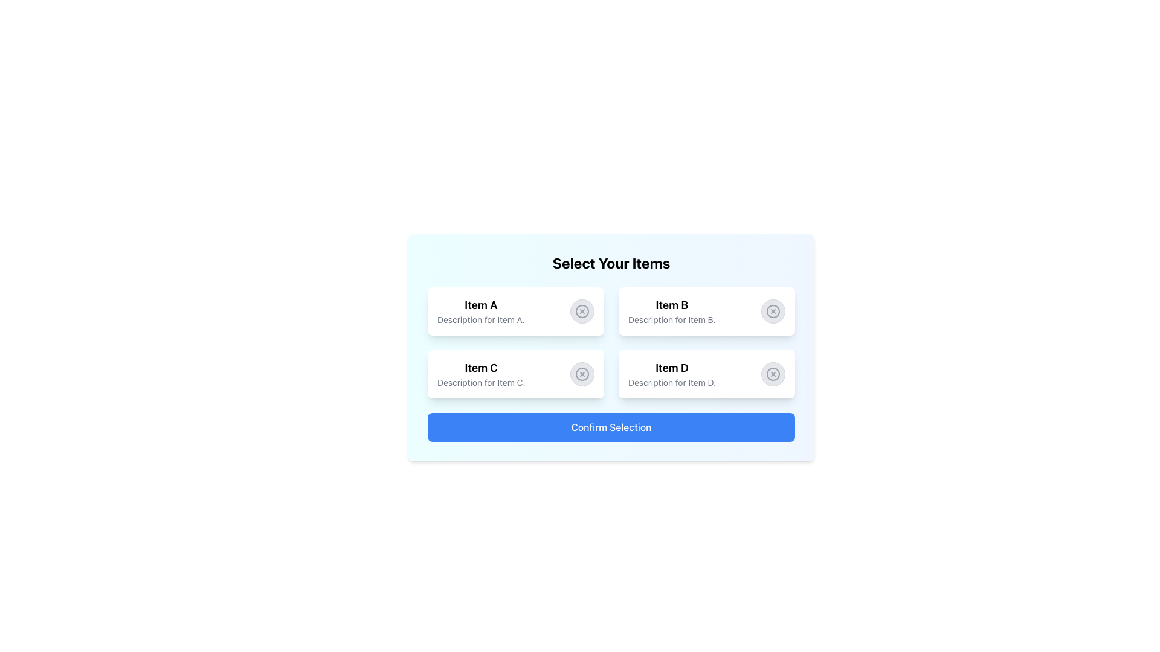 This screenshot has height=652, width=1160. What do you see at coordinates (671, 382) in the screenshot?
I see `text label displaying 'Description for Item D.', which is styled in a smaller font size with a gray color and located below the header 'Item D' in a grid layout` at bounding box center [671, 382].